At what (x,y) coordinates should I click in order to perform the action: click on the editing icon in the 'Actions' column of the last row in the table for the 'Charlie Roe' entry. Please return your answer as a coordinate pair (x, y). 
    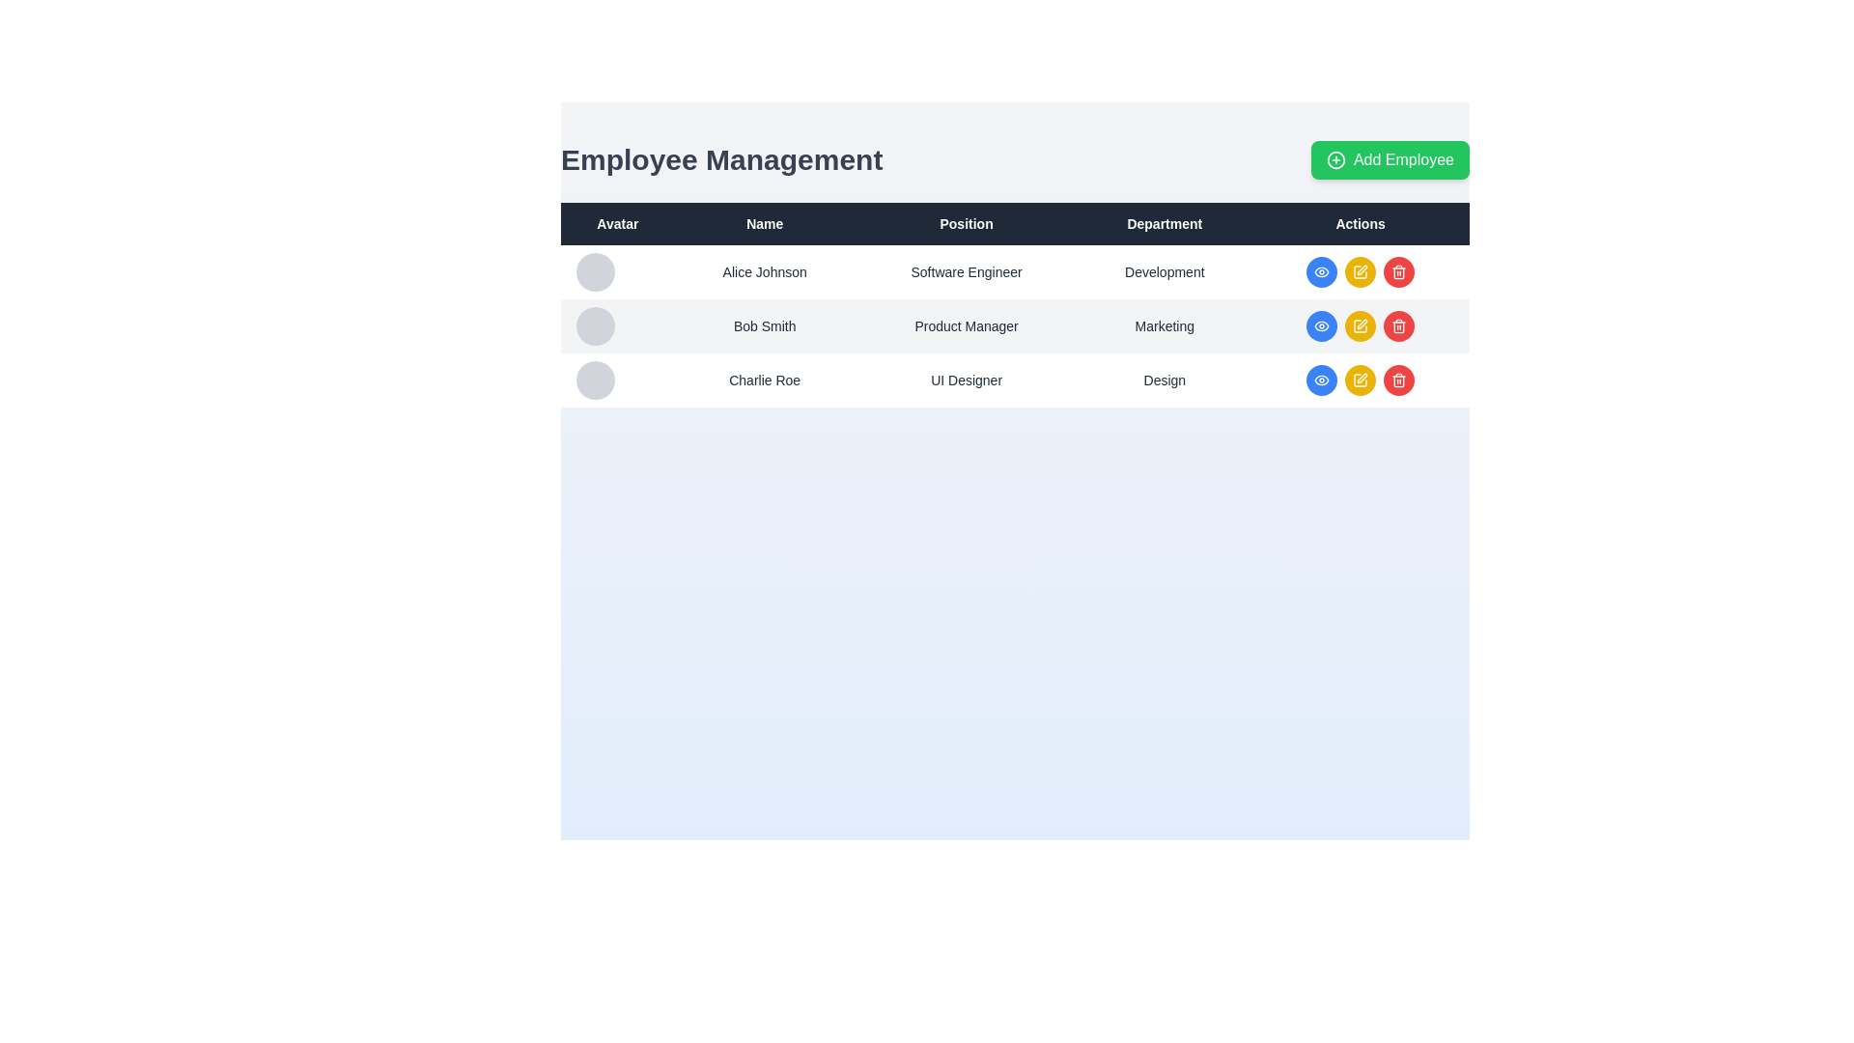
    Looking at the image, I should click on (1360, 325).